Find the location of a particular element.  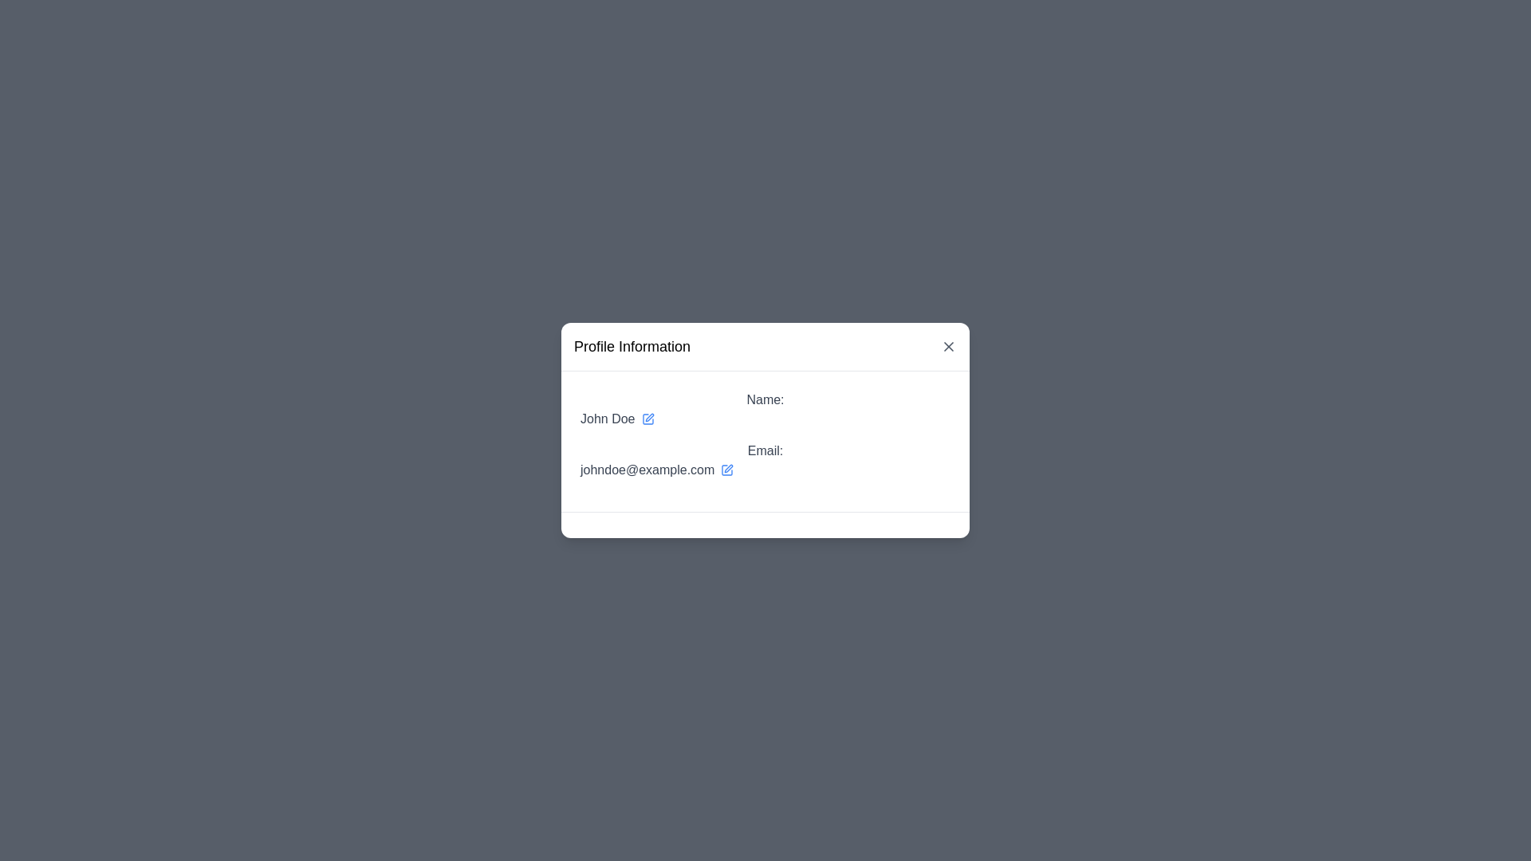

the text label that serves as a heading or title for the section of the interface, located at the top-left region of the dialog box is located at coordinates (631, 346).